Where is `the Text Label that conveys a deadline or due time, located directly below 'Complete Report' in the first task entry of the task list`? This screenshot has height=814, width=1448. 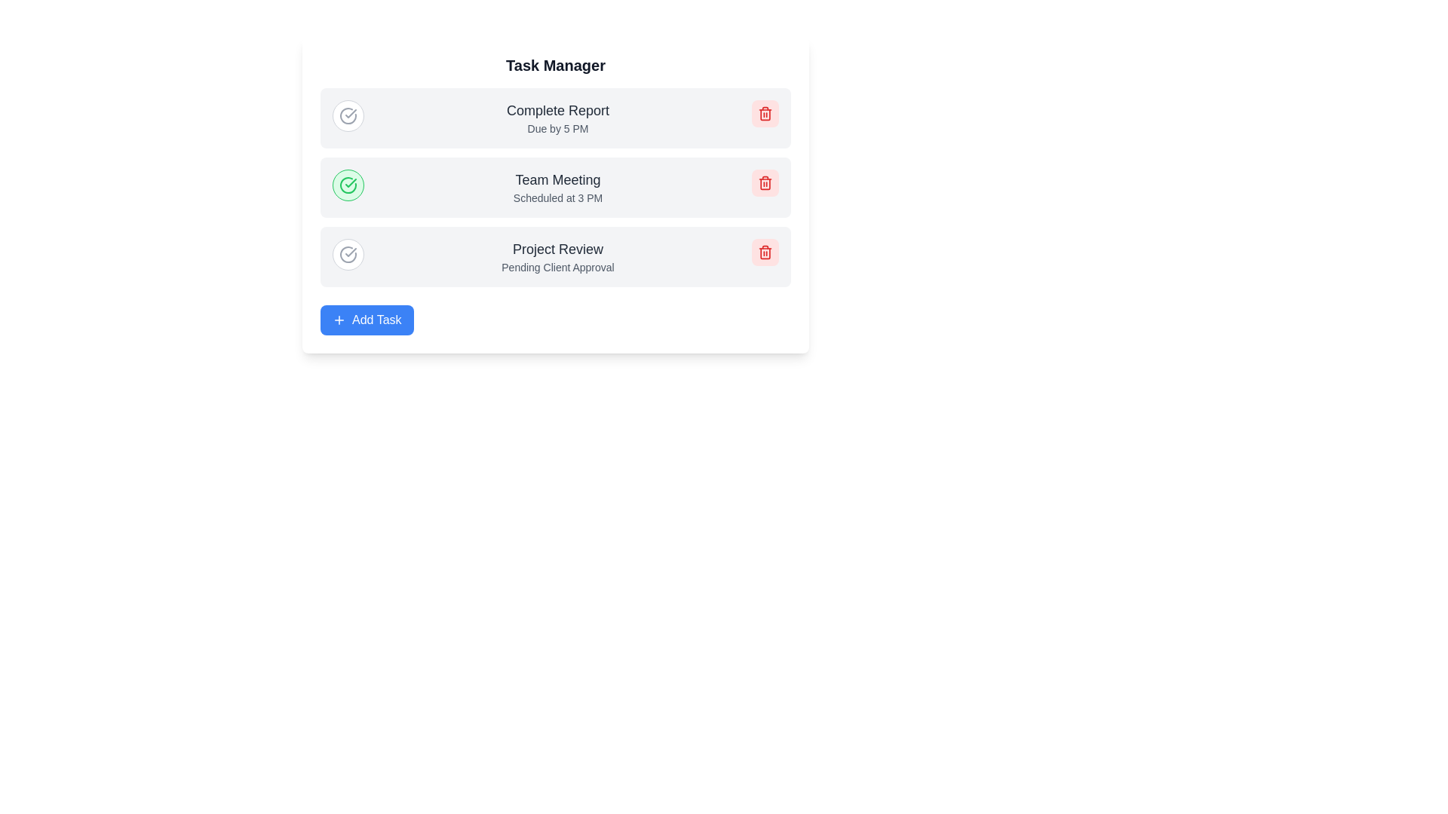 the Text Label that conveys a deadline or due time, located directly below 'Complete Report' in the first task entry of the task list is located at coordinates (557, 127).